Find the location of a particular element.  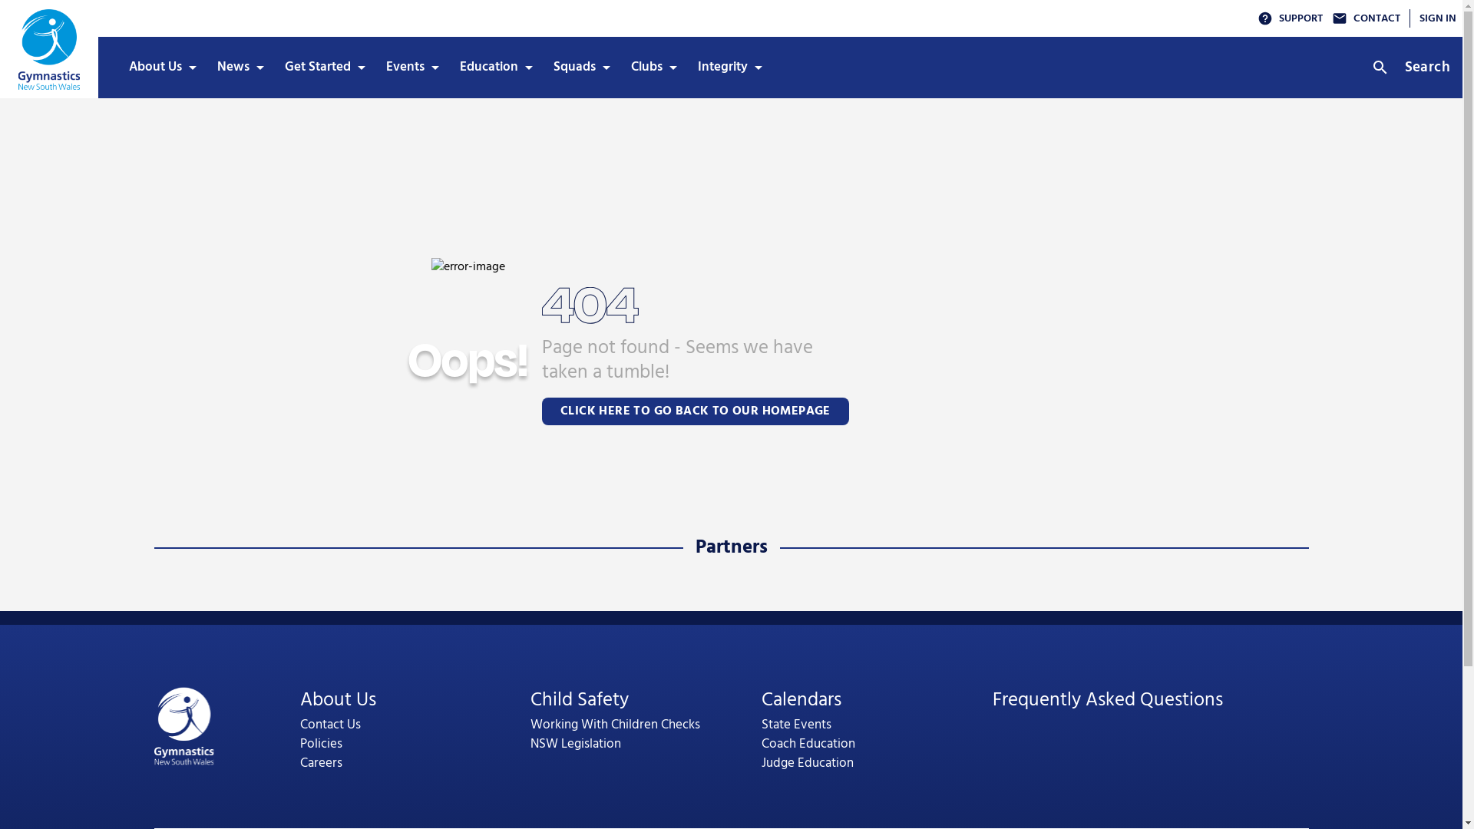

'Search' is located at coordinates (1413, 67).